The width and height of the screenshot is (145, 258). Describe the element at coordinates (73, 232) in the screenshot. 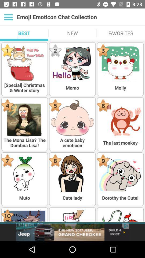

I see `advertisement about grand cherokee` at that location.